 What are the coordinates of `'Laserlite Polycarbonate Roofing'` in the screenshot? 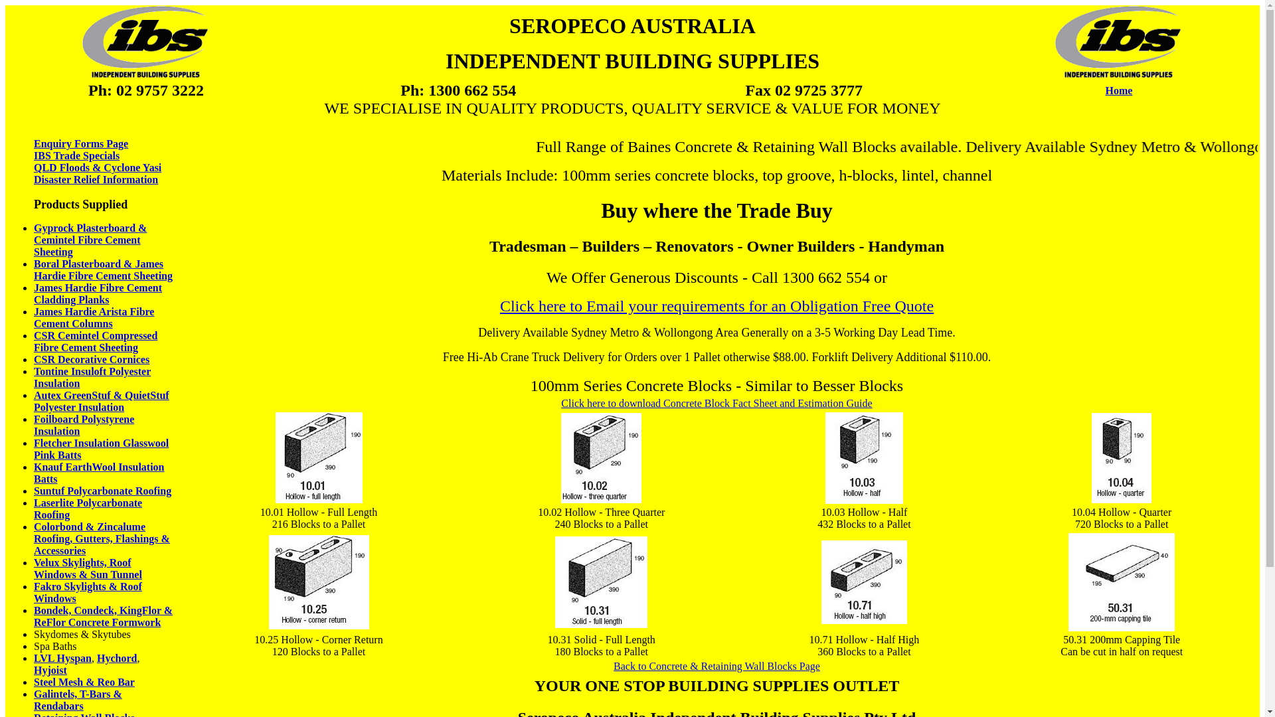 It's located at (87, 508).